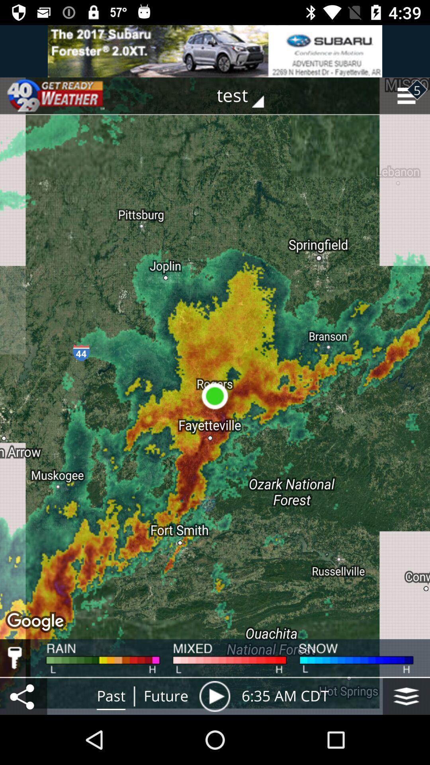 The height and width of the screenshot is (765, 430). What do you see at coordinates (215, 51) in the screenshot?
I see `notification option` at bounding box center [215, 51].